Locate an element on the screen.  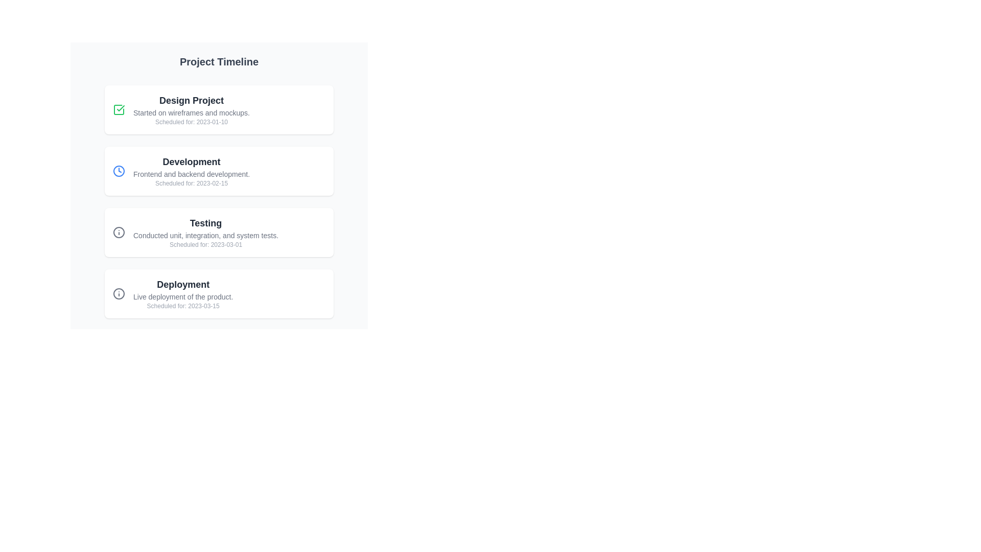
the blue circular clock icon located to the left of the 'Development' text in the second project timeline card is located at coordinates (119, 171).